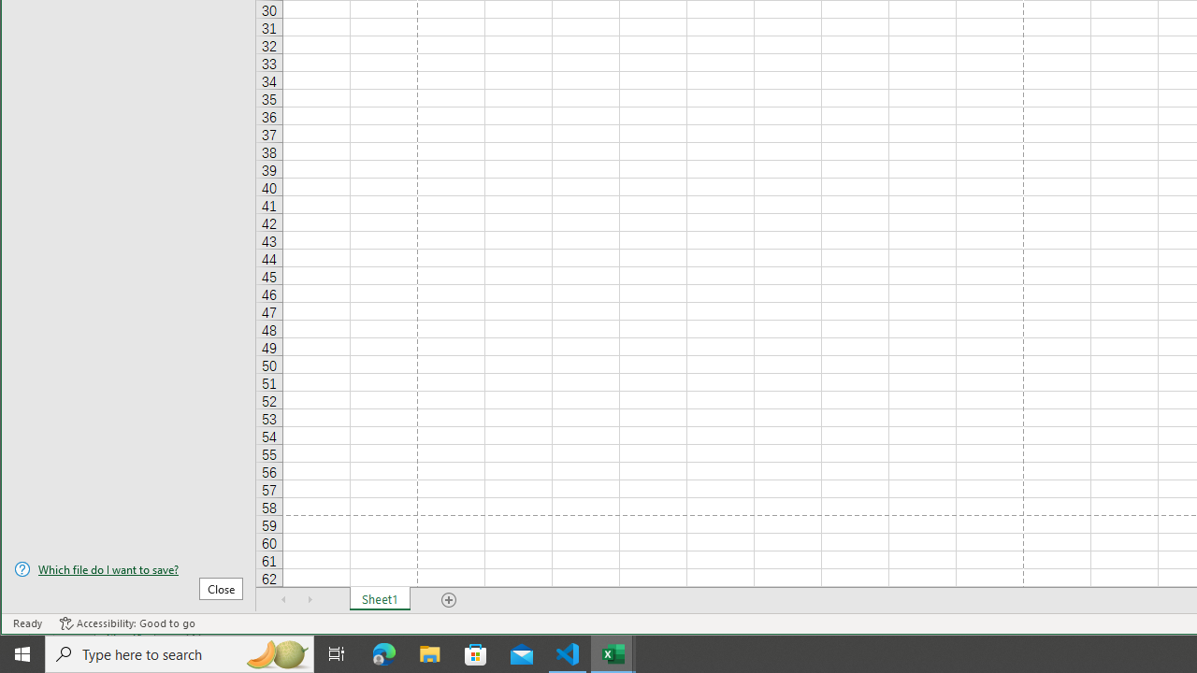  What do you see at coordinates (613, 652) in the screenshot?
I see `'Excel - 2 running windows'` at bounding box center [613, 652].